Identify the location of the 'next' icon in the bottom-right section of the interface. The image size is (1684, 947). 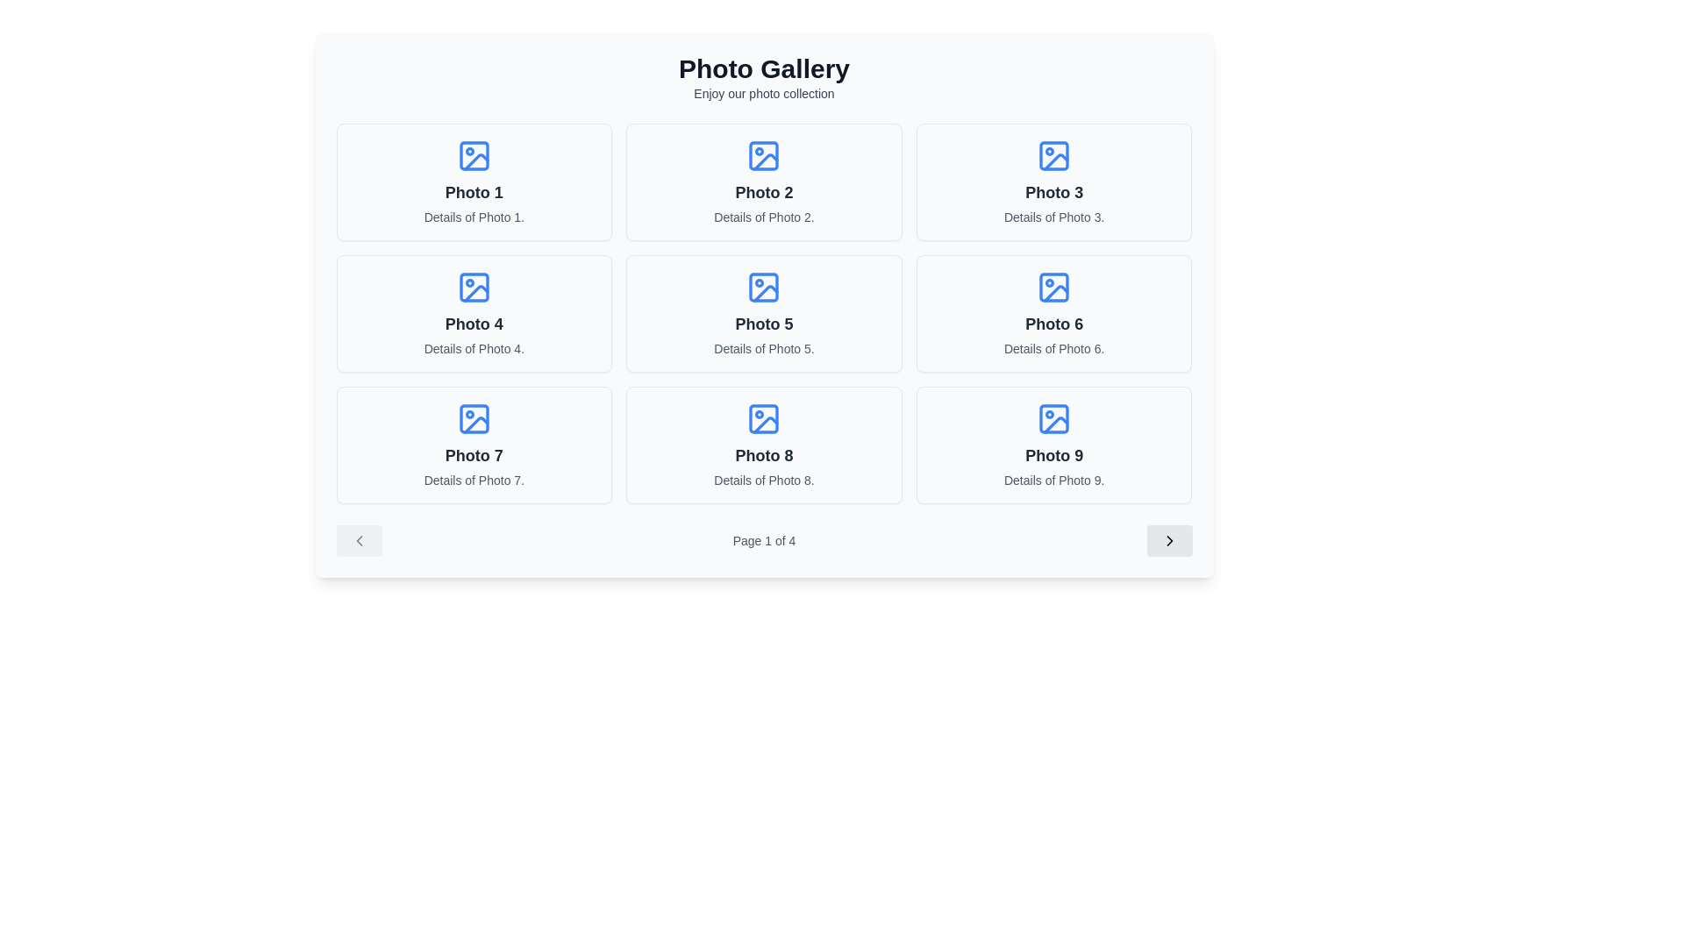
(1169, 540).